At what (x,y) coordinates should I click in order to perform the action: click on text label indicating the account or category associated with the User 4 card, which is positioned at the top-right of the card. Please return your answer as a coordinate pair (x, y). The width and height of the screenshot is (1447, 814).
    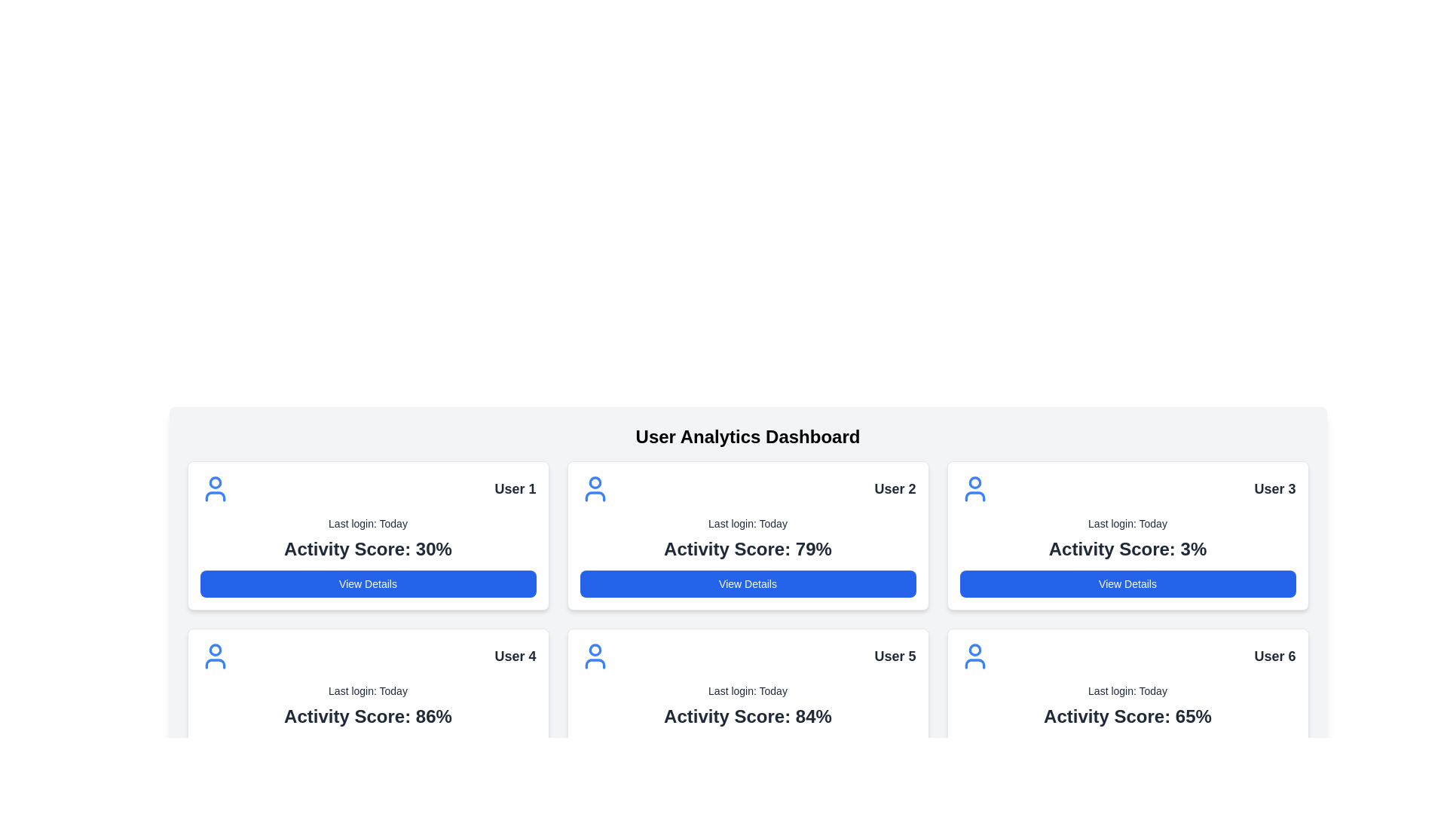
    Looking at the image, I should click on (515, 656).